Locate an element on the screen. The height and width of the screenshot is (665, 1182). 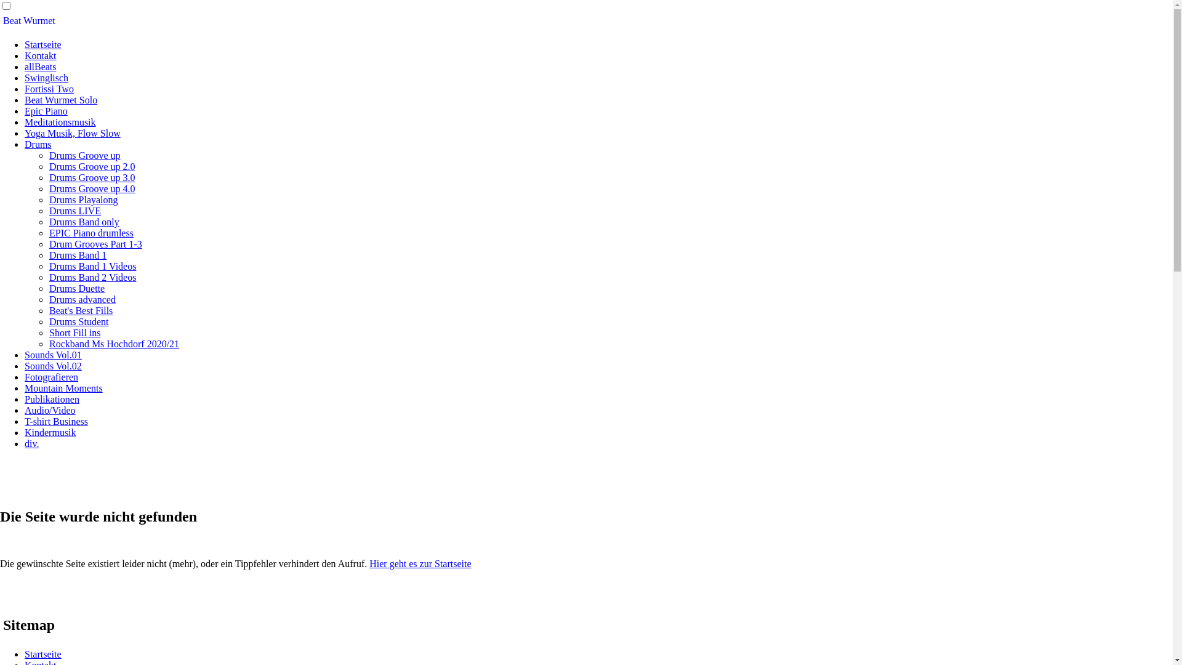
'Fotografieren' is located at coordinates (50, 376).